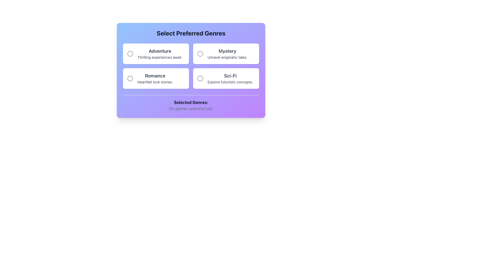  What do you see at coordinates (226, 78) in the screenshot?
I see `the 'Sci-Fi' button in the bottom-right corner of the grid` at bounding box center [226, 78].